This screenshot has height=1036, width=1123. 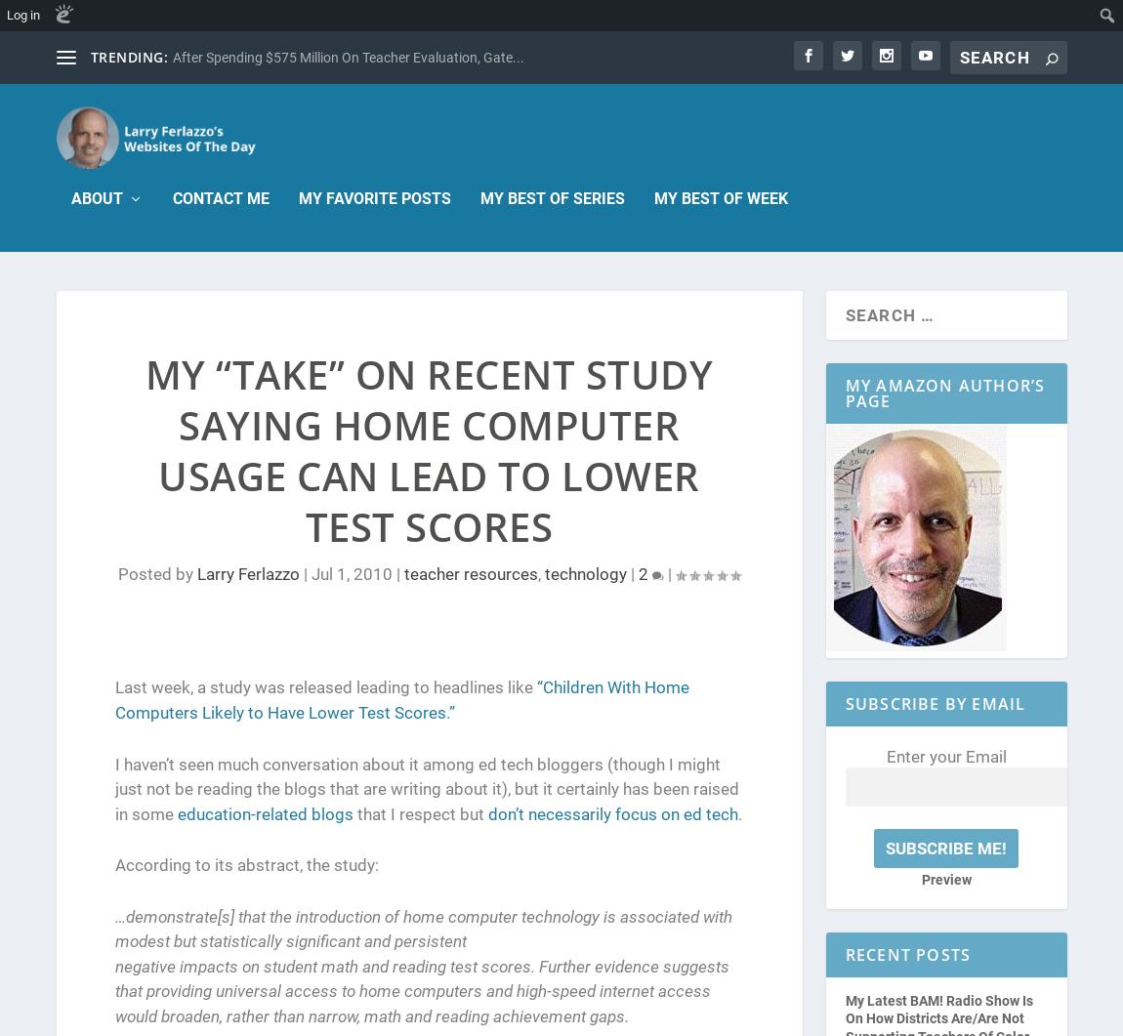 I want to click on 'My “Take” On Recent Study Saying Home Computer Usage Can Lead To Lower Test Scores', so click(x=144, y=450).